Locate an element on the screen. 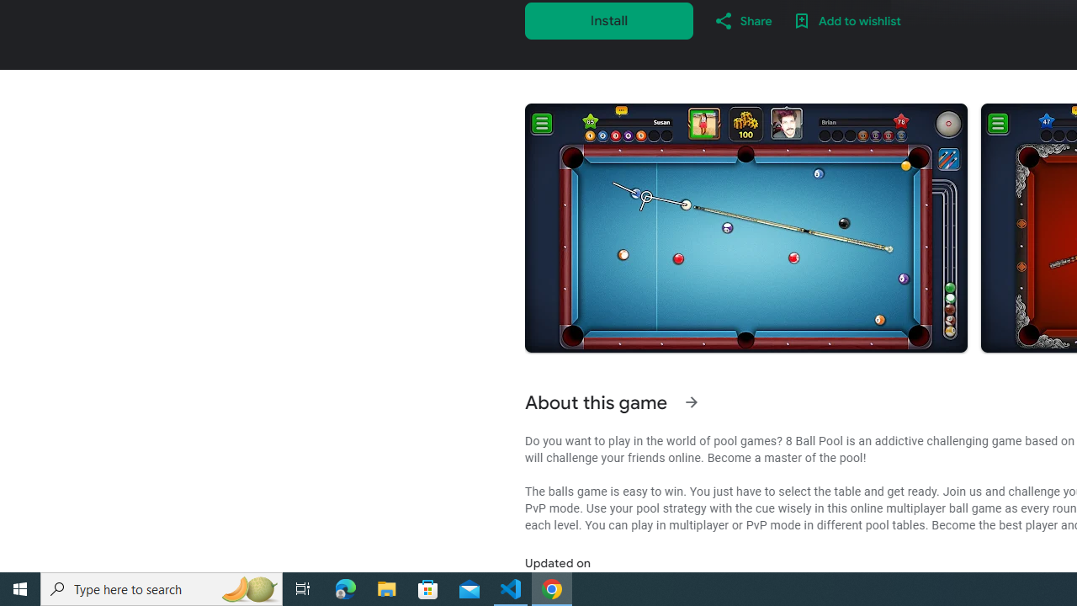 The height and width of the screenshot is (606, 1077). 'Install' is located at coordinates (607, 20).